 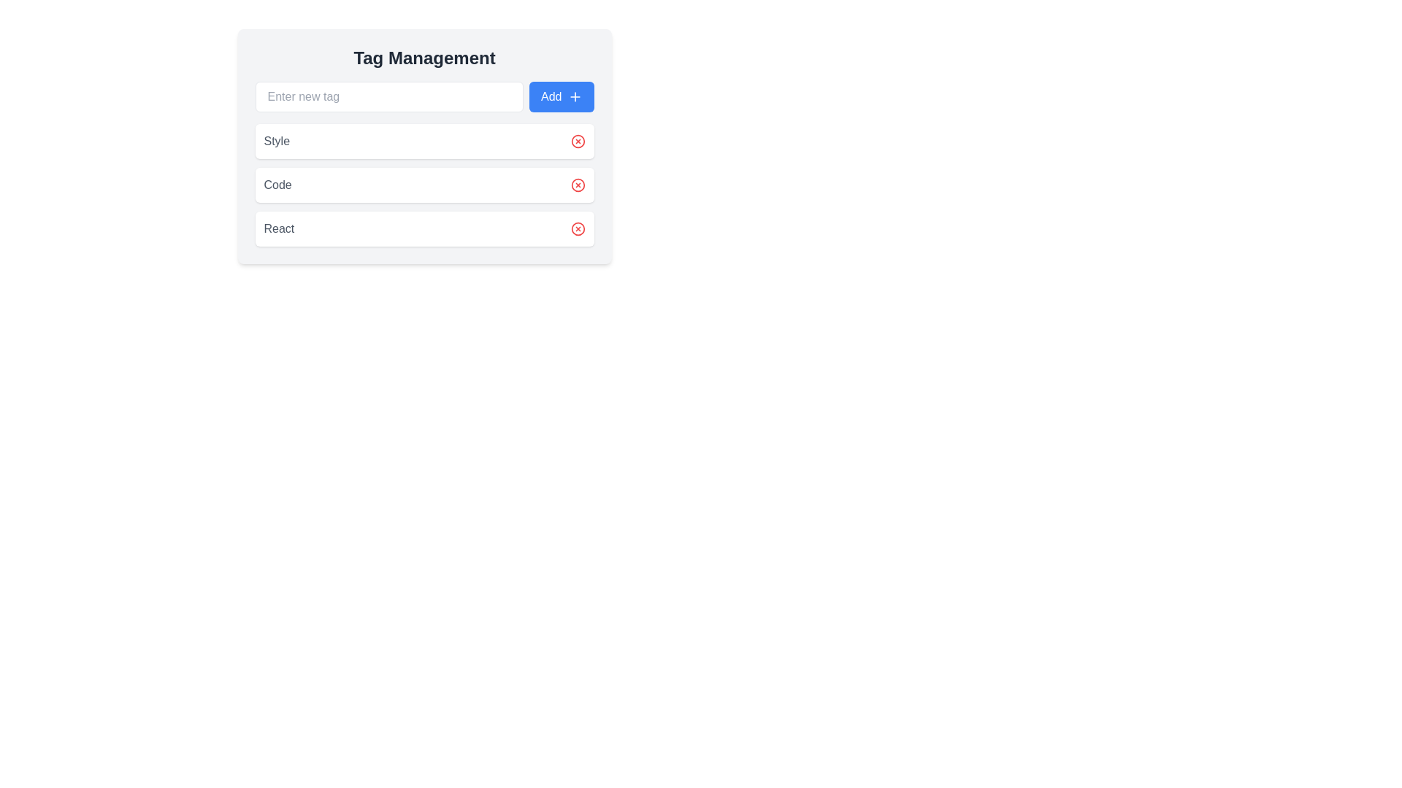 What do you see at coordinates (424, 58) in the screenshot?
I see `the Heading Text that indicates 'Tag Management', which is the title for the card interface located at the top of the card layout` at bounding box center [424, 58].